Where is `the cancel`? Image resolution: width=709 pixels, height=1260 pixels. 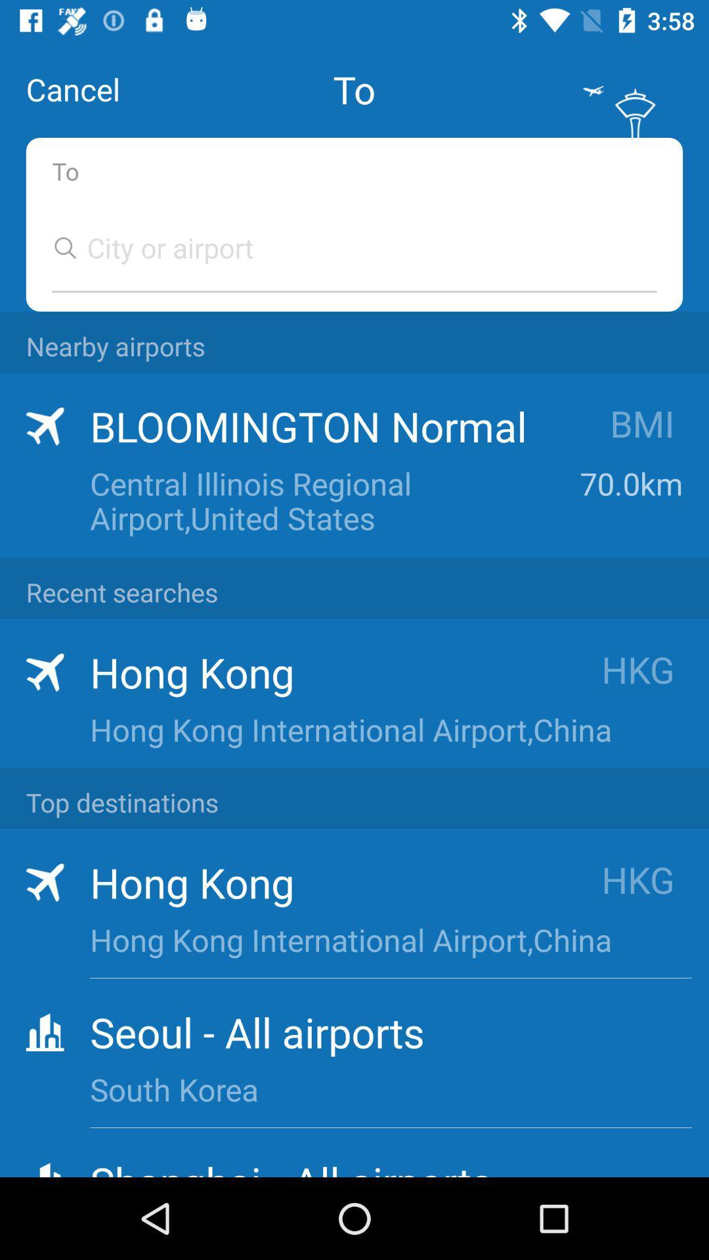
the cancel is located at coordinates (73, 89).